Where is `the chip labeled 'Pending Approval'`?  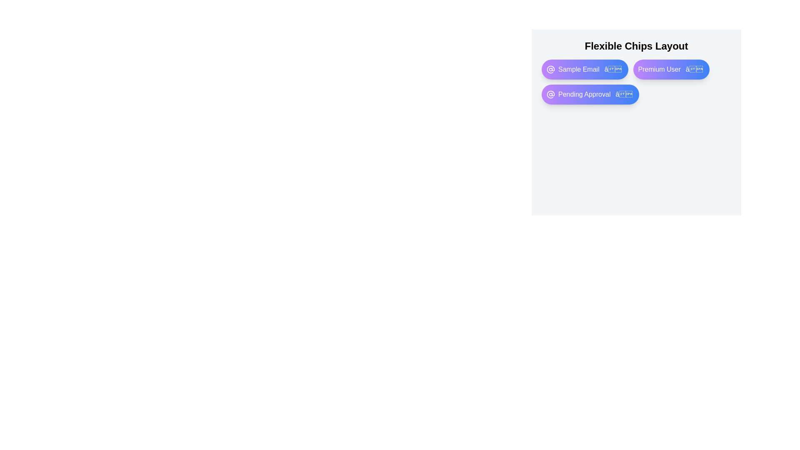
the chip labeled 'Pending Approval' is located at coordinates (590, 94).